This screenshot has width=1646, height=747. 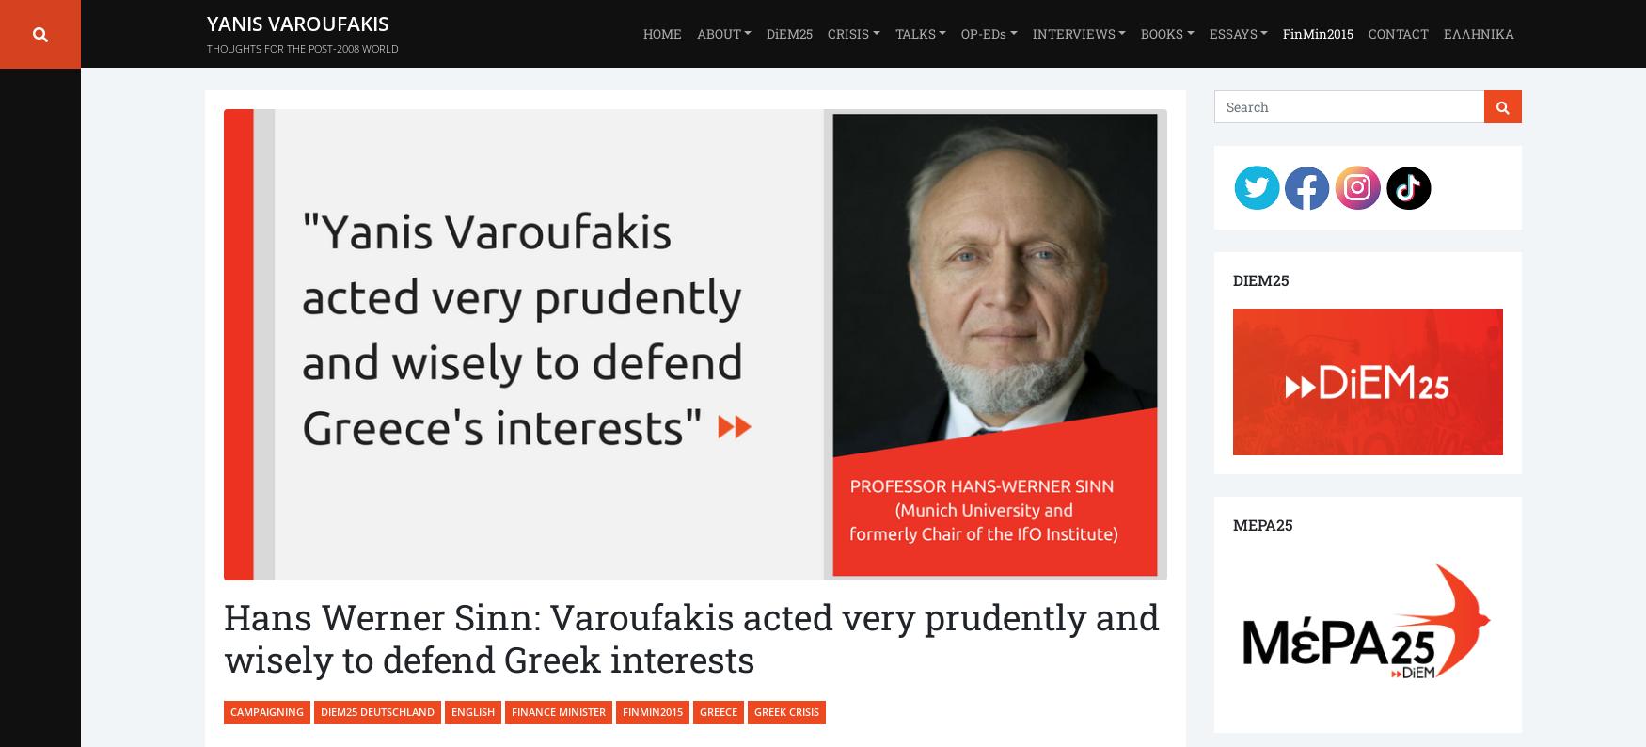 I want to click on 'ΜΕΡΑ25', so click(x=1262, y=522).